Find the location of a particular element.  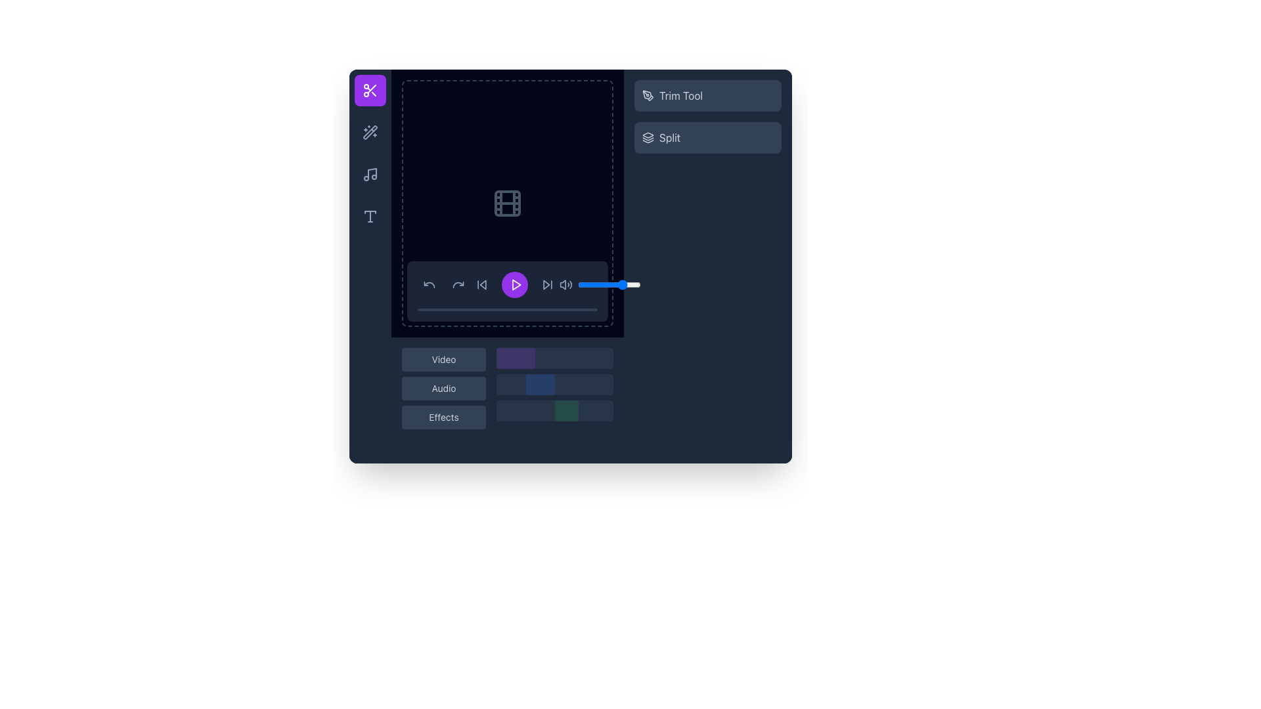

the fast-forward icon located in the media control bar, which allows users to skip forward in media playback is located at coordinates (546, 284).